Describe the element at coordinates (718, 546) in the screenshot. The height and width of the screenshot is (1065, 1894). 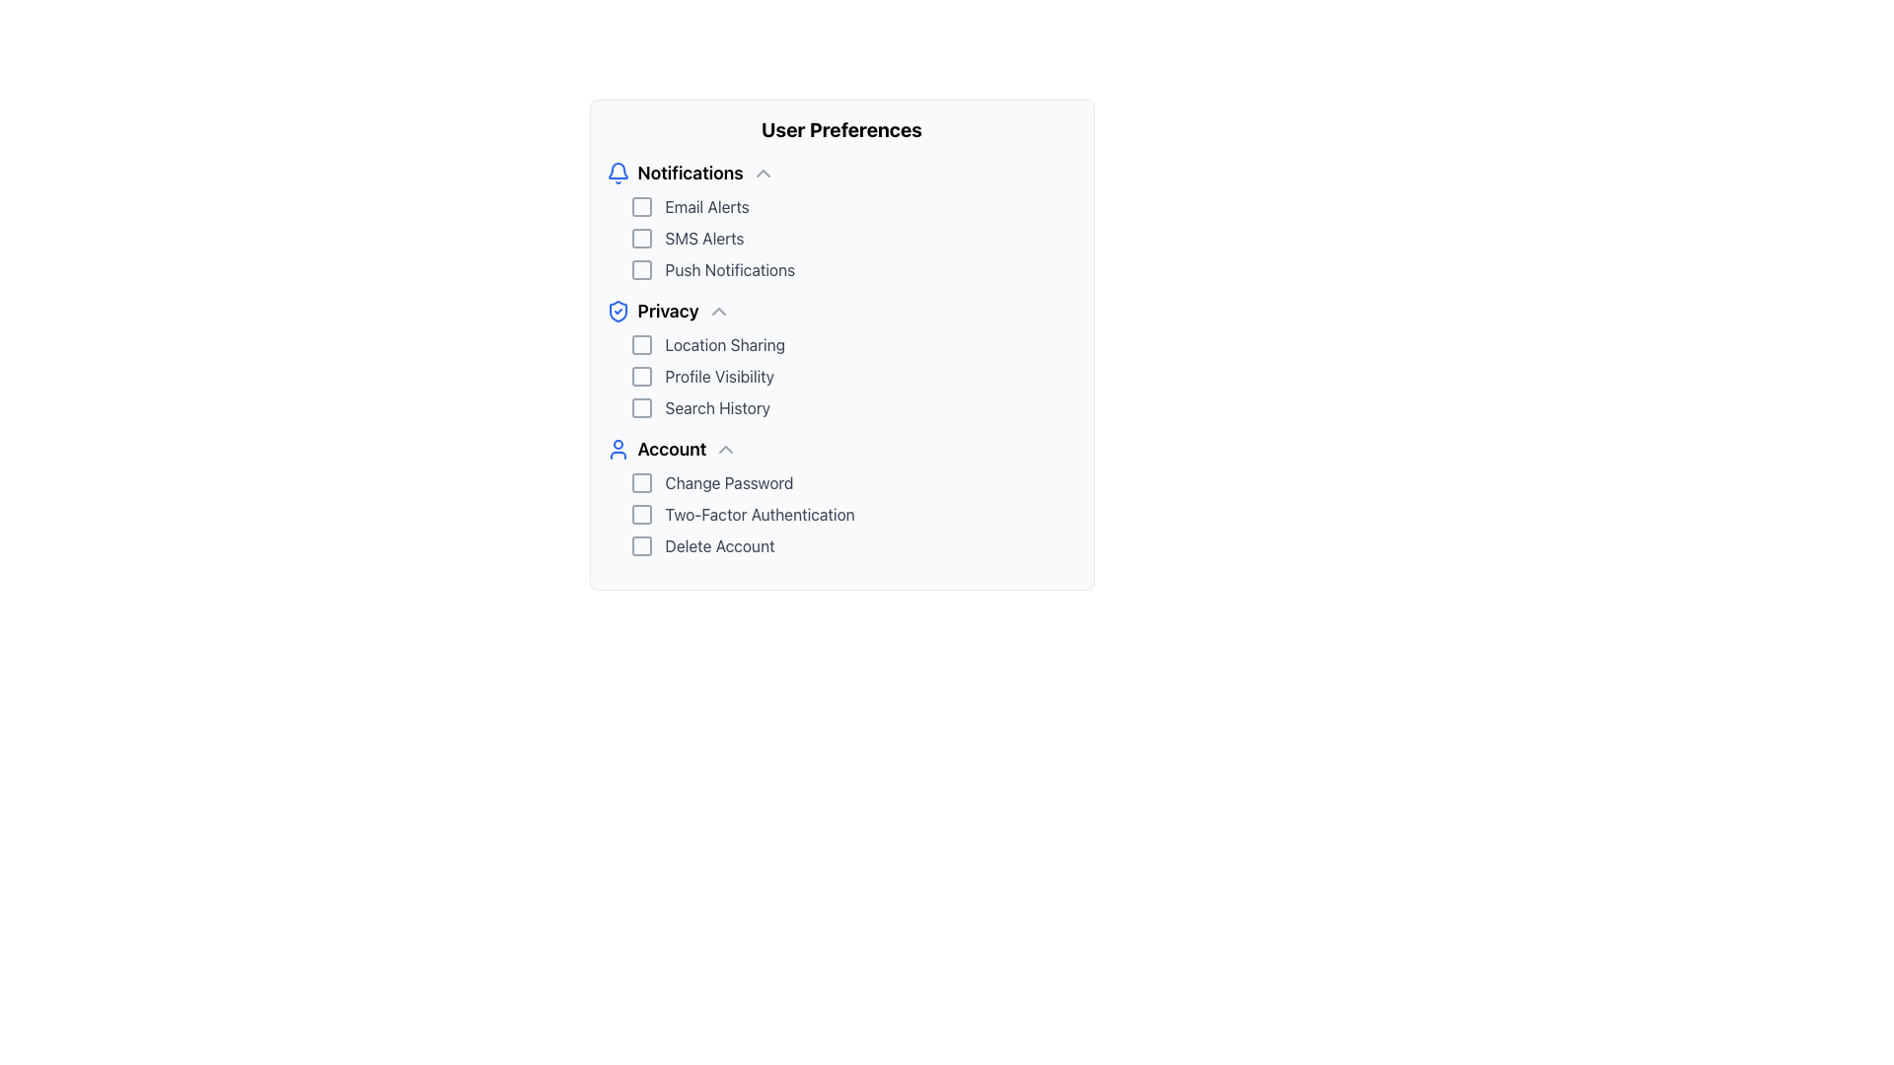
I see `the 'Delete Account' text label, which is styled with gray text color and positioned horizontally within the 'Account' preferences section, below the 'Two-Factor Authentication' option` at that location.